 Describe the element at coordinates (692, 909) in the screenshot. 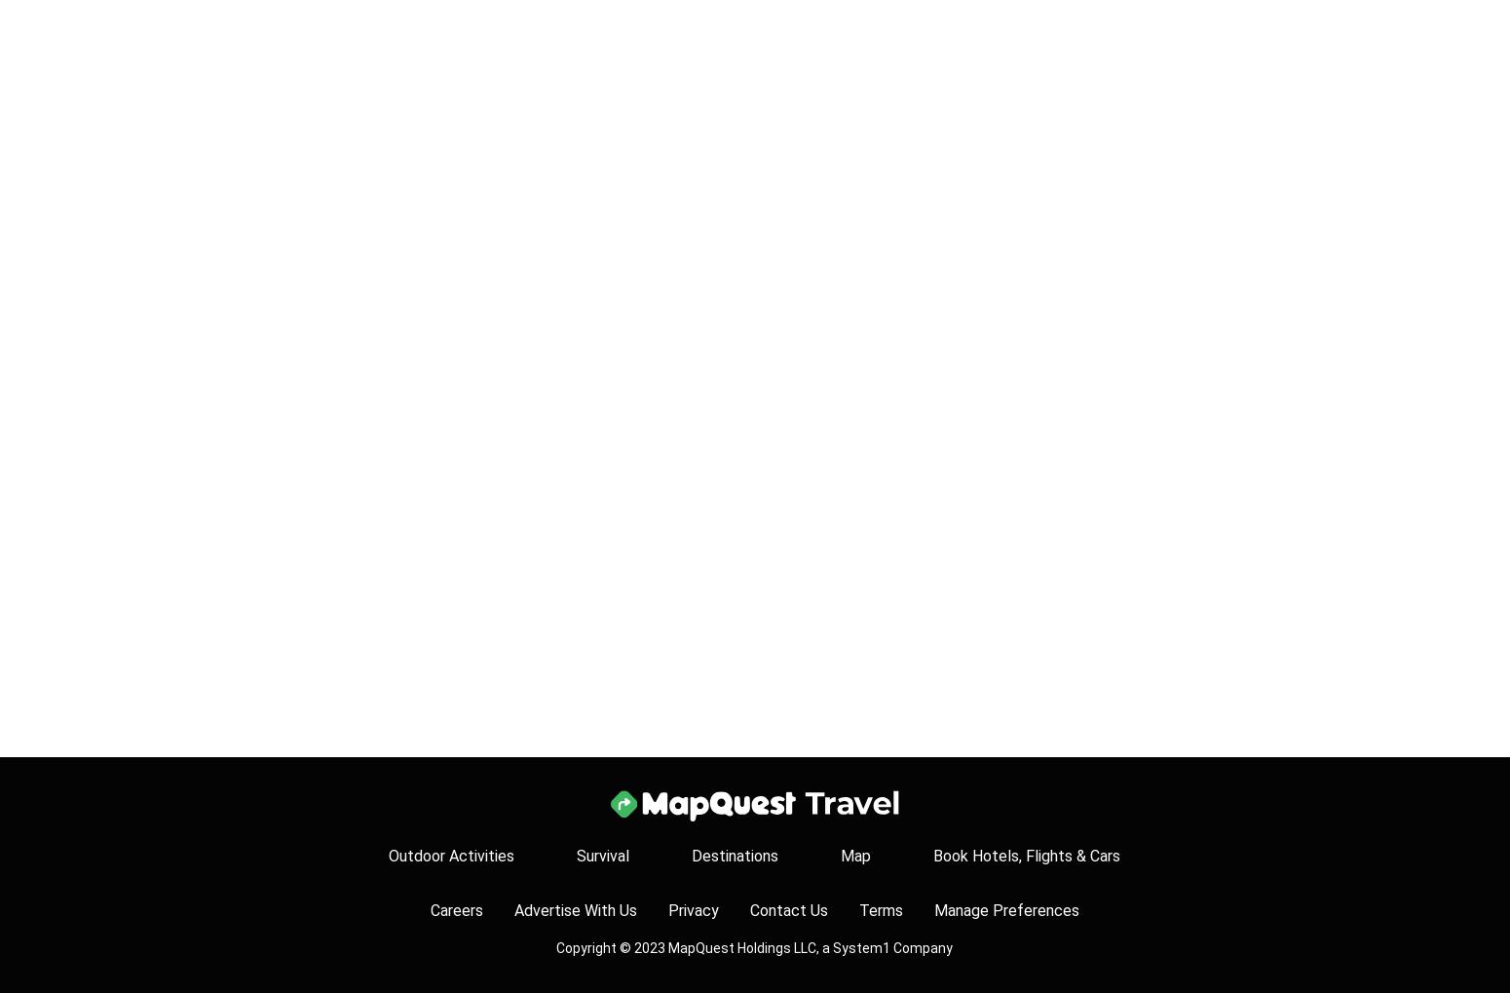

I see `'Privacy'` at that location.